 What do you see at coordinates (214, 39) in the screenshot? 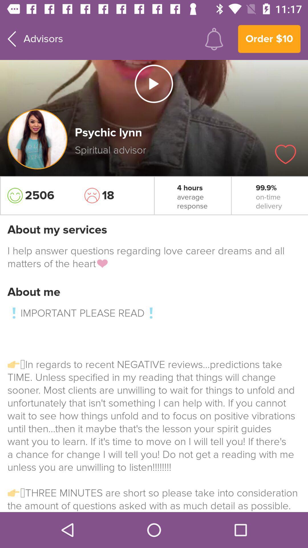
I see `icon to the left of order $10 icon` at bounding box center [214, 39].